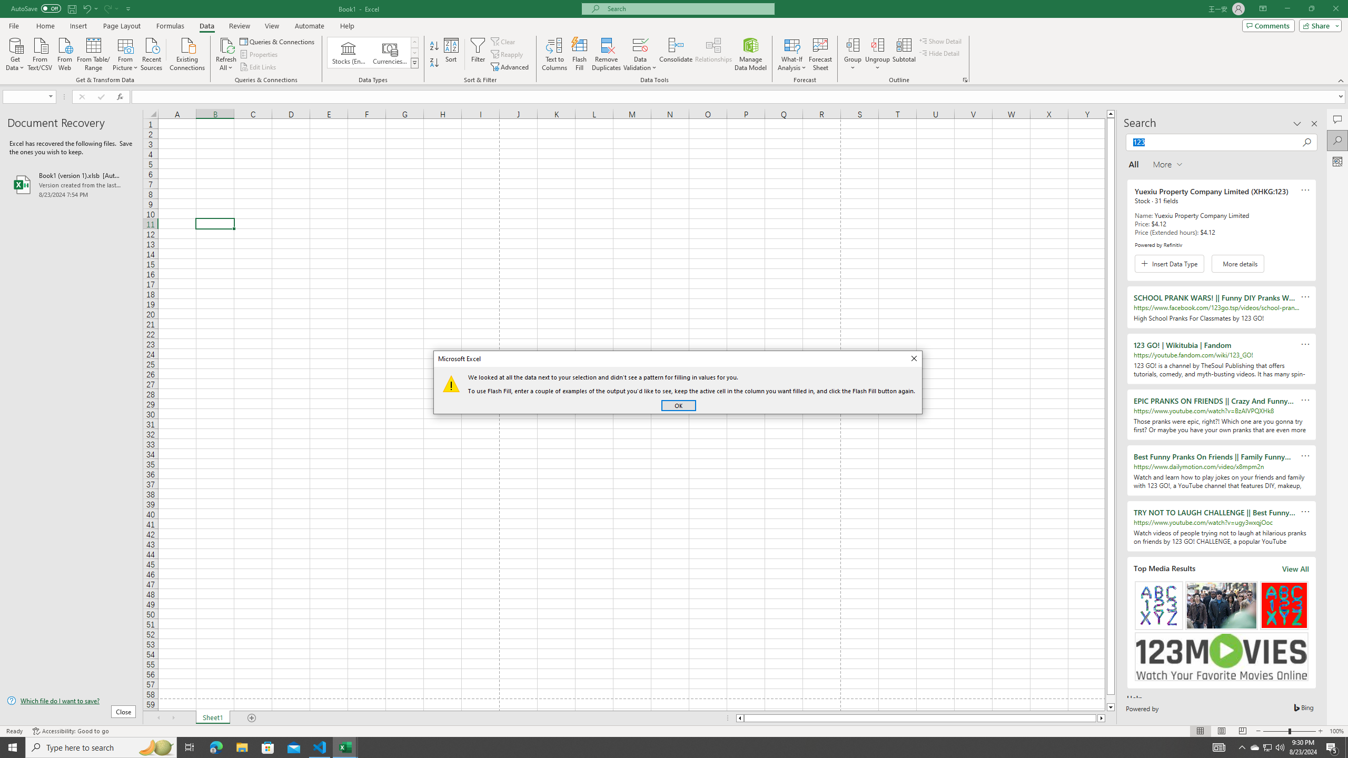 The height and width of the screenshot is (758, 1348). I want to click on 'Consolidate...', so click(676, 54).